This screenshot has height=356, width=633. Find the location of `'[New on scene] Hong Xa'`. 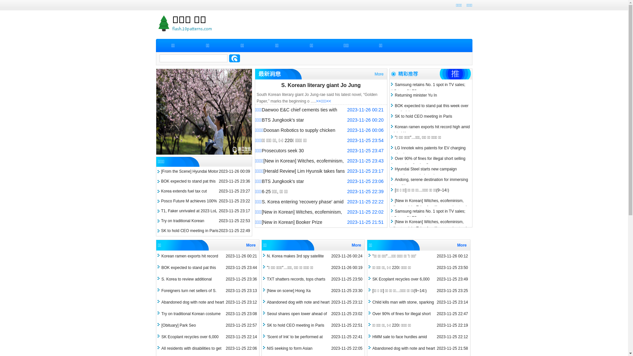

'[New on scene] Hong Xa' is located at coordinates (287, 290).